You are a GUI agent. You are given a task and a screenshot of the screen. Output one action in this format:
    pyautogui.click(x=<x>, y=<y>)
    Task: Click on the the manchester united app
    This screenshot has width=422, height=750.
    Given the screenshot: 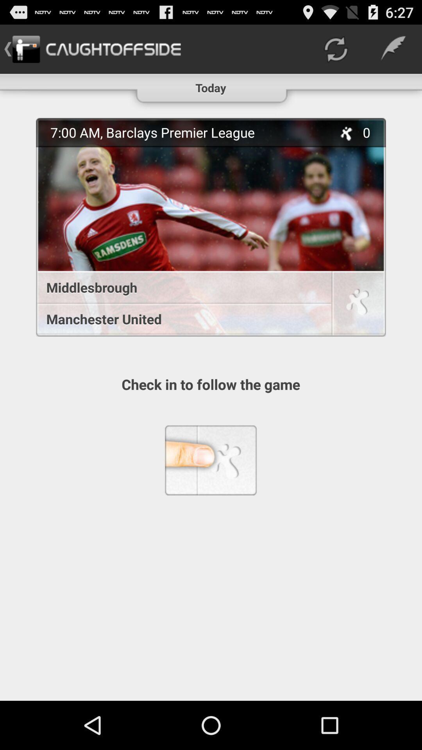 What is the action you would take?
    pyautogui.click(x=179, y=319)
    